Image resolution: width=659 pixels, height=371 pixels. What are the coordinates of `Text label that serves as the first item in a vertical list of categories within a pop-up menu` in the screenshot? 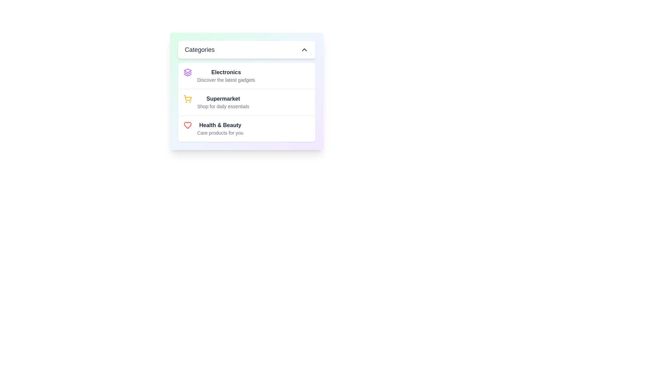 It's located at (226, 72).